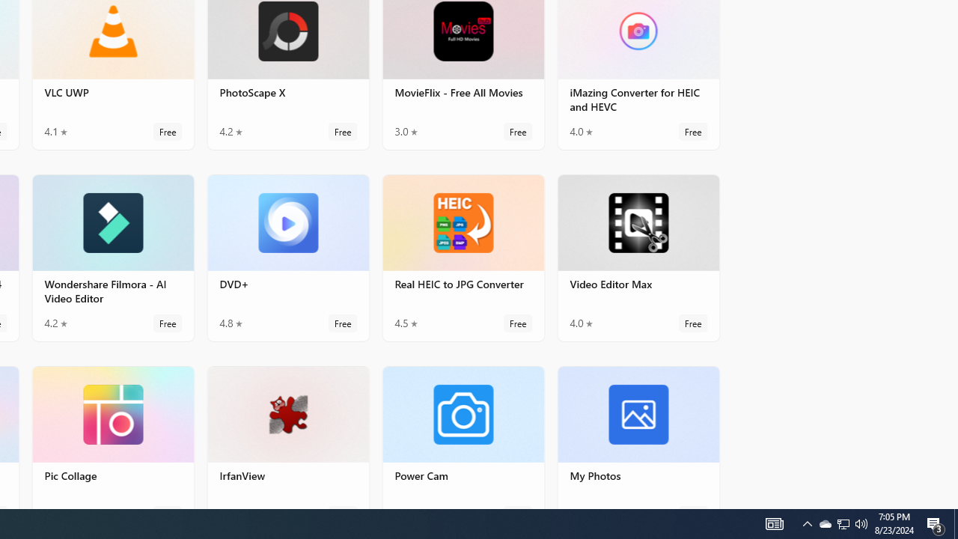 The image size is (958, 539). Describe the element at coordinates (288, 256) in the screenshot. I see `'DVD+. Average rating of 4.8 out of five stars. Free  '` at that location.